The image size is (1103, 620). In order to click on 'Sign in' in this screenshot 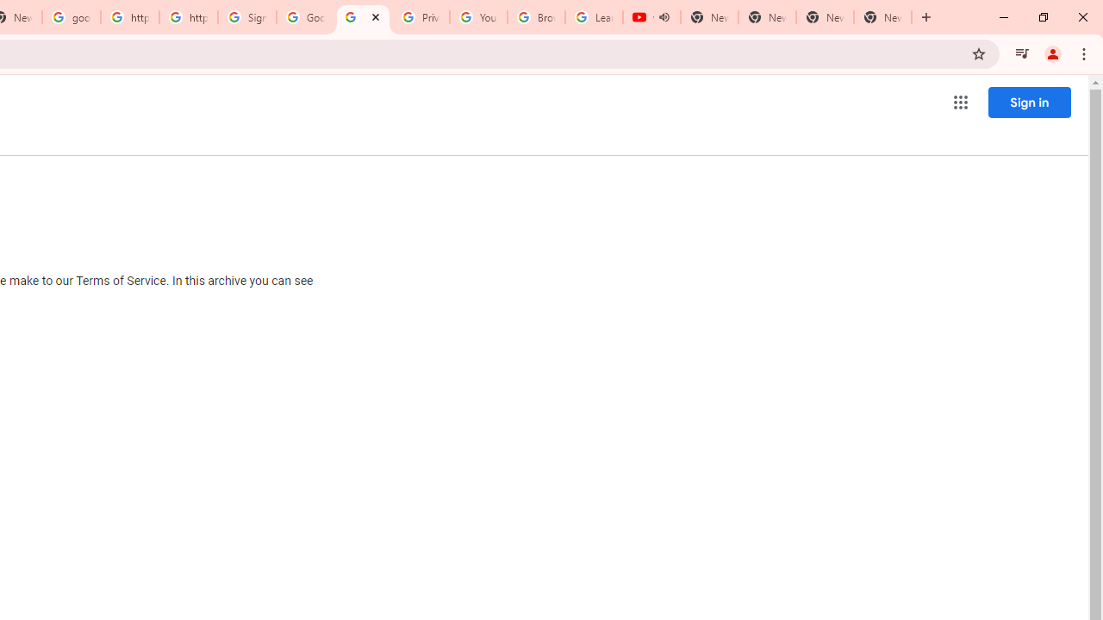, I will do `click(1029, 102)`.